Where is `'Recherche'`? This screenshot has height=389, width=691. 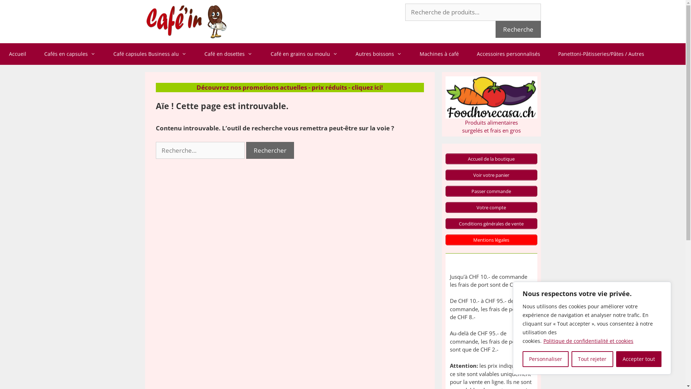 'Recherche' is located at coordinates (518, 29).